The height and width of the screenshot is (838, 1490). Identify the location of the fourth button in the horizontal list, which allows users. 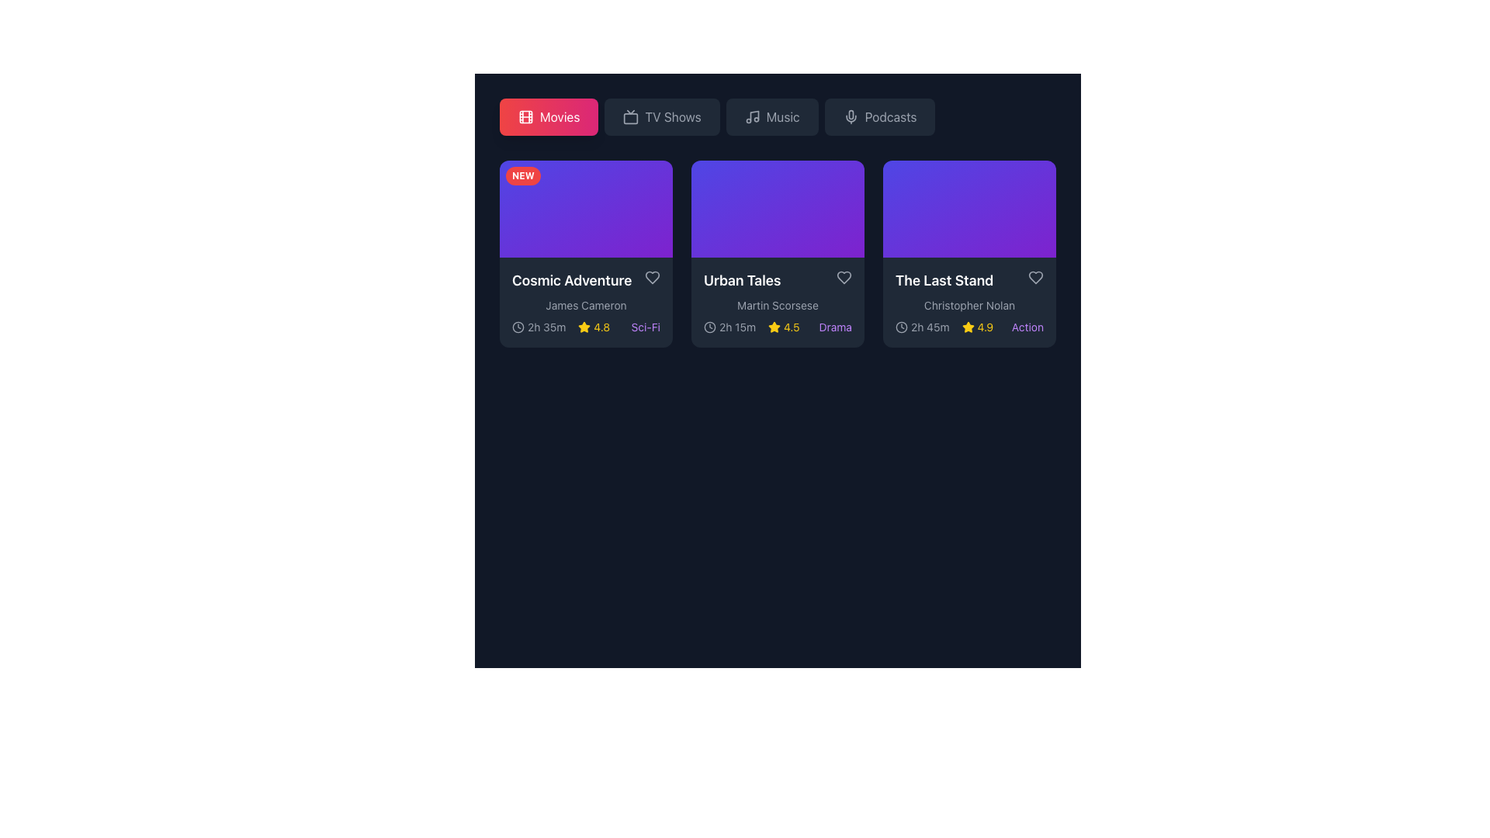
(880, 116).